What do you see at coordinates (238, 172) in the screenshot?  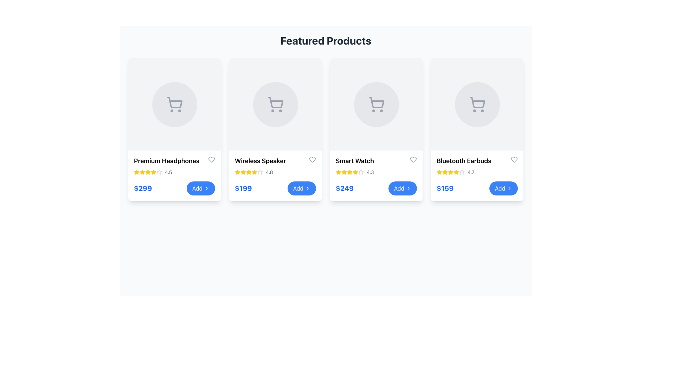 I see `leftmost yellow star icon in the rating section of the 'Wireless Speaker' product card for its properties or details` at bounding box center [238, 172].